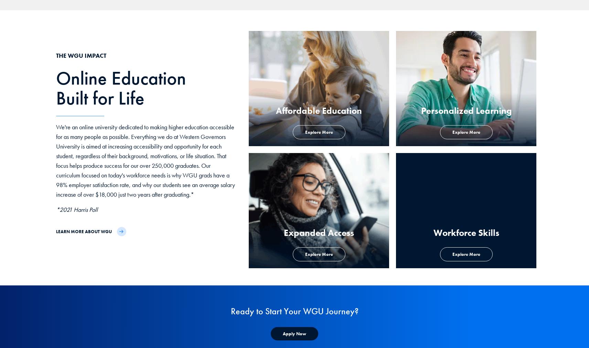  I want to click on 'LEARN MORE ABOUT WGU', so click(83, 231).